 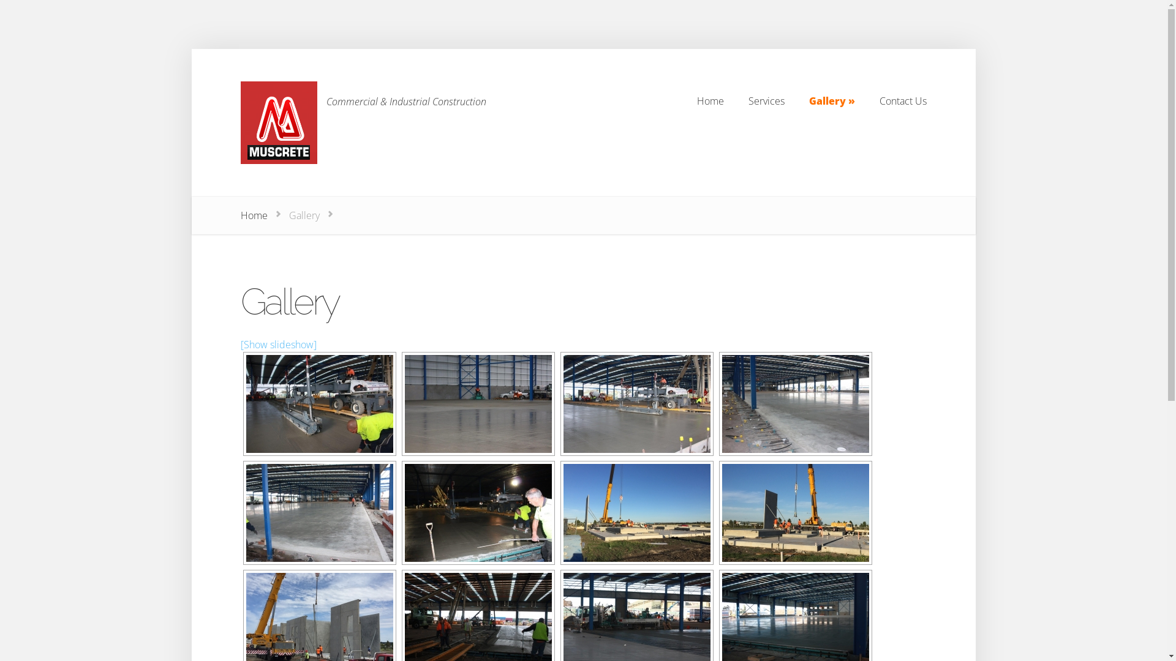 I want to click on 'Muscrete Jobs 049', so click(x=319, y=512).